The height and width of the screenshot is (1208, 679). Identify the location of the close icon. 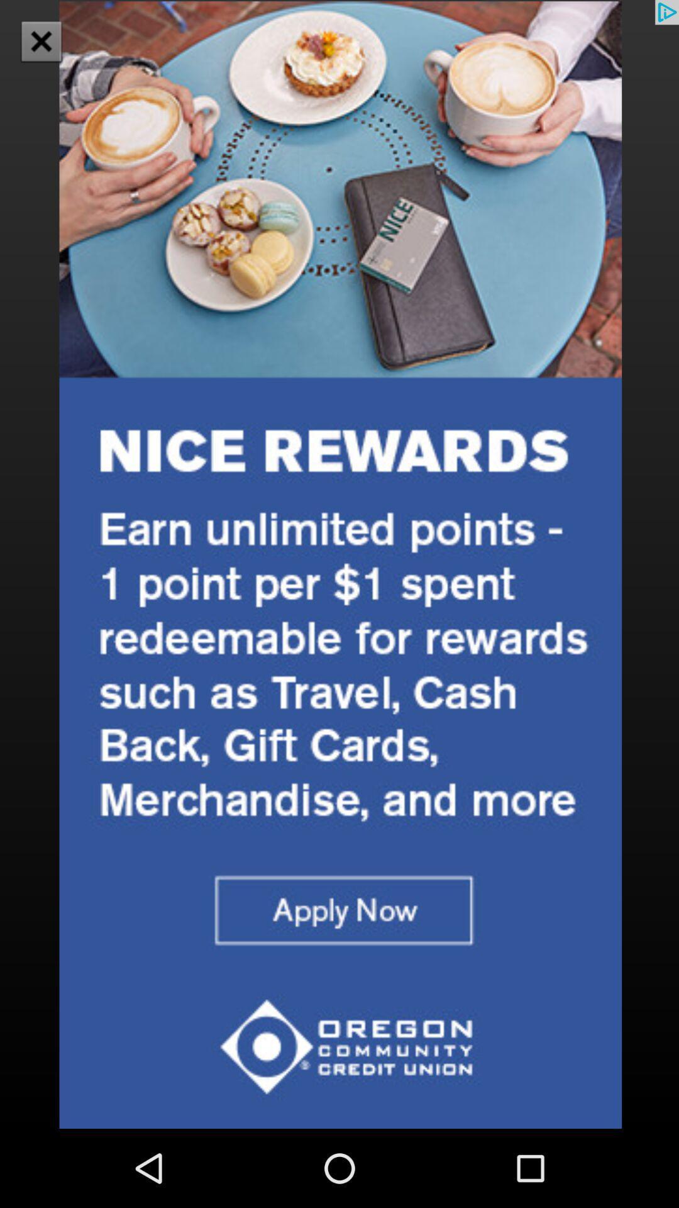
(40, 44).